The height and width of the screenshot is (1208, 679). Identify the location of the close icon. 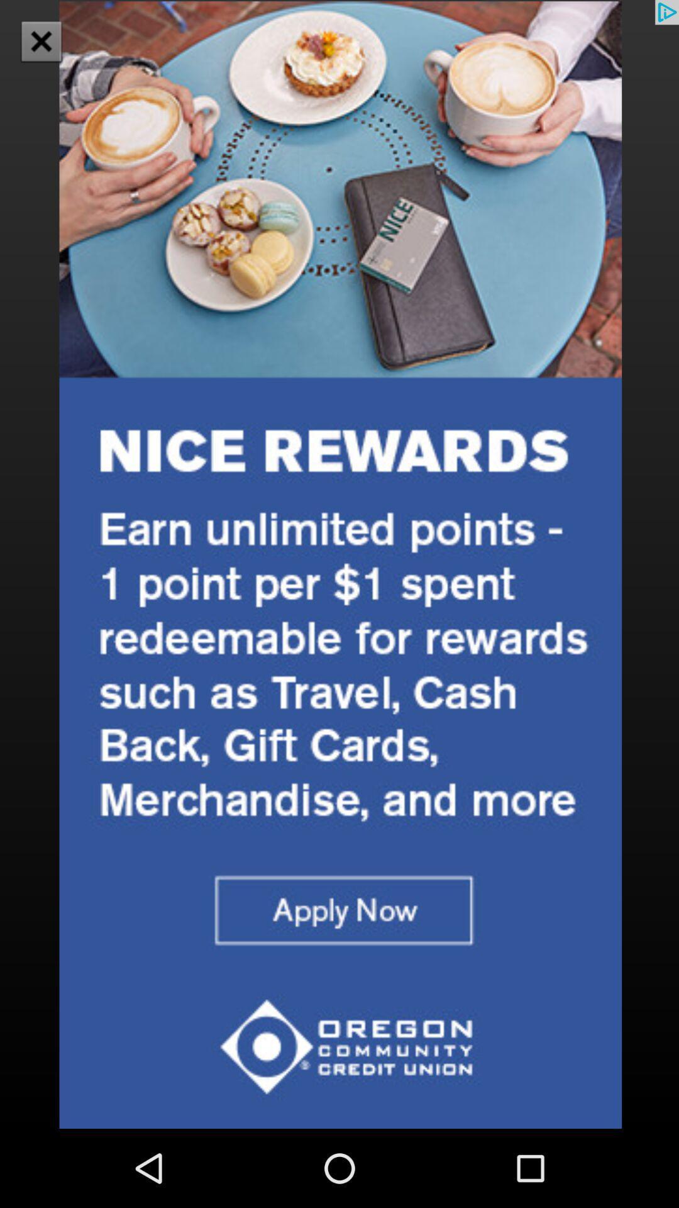
(40, 44).